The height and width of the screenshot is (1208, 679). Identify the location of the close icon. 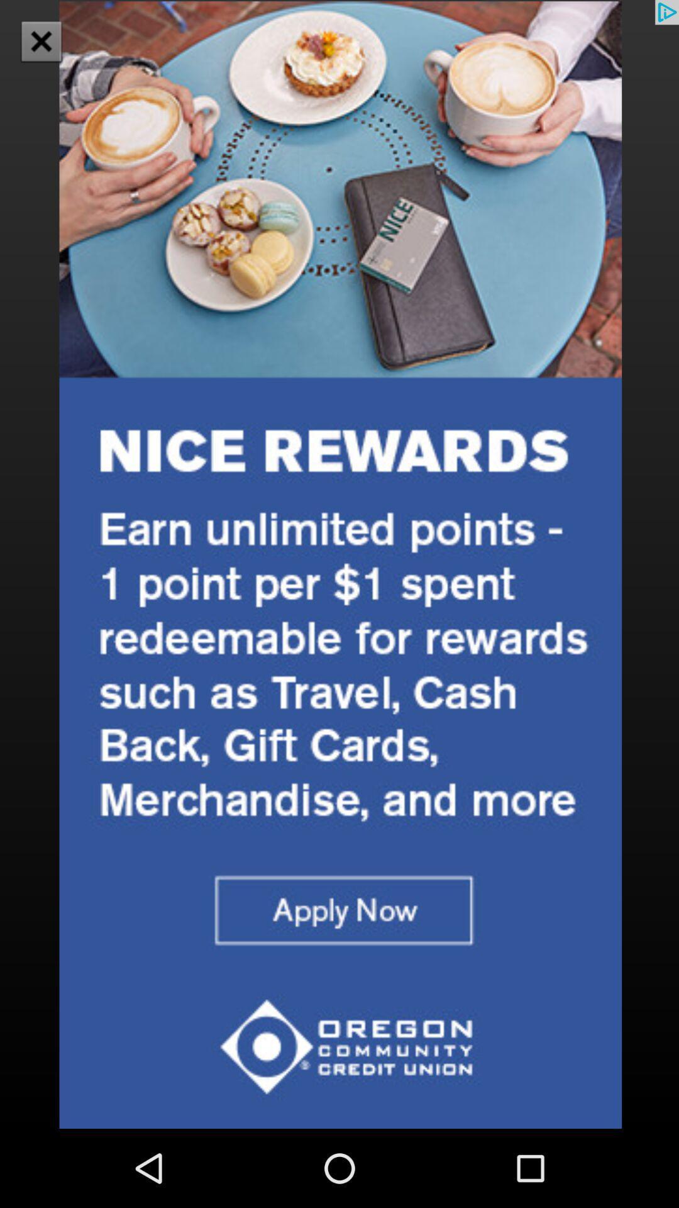
(40, 44).